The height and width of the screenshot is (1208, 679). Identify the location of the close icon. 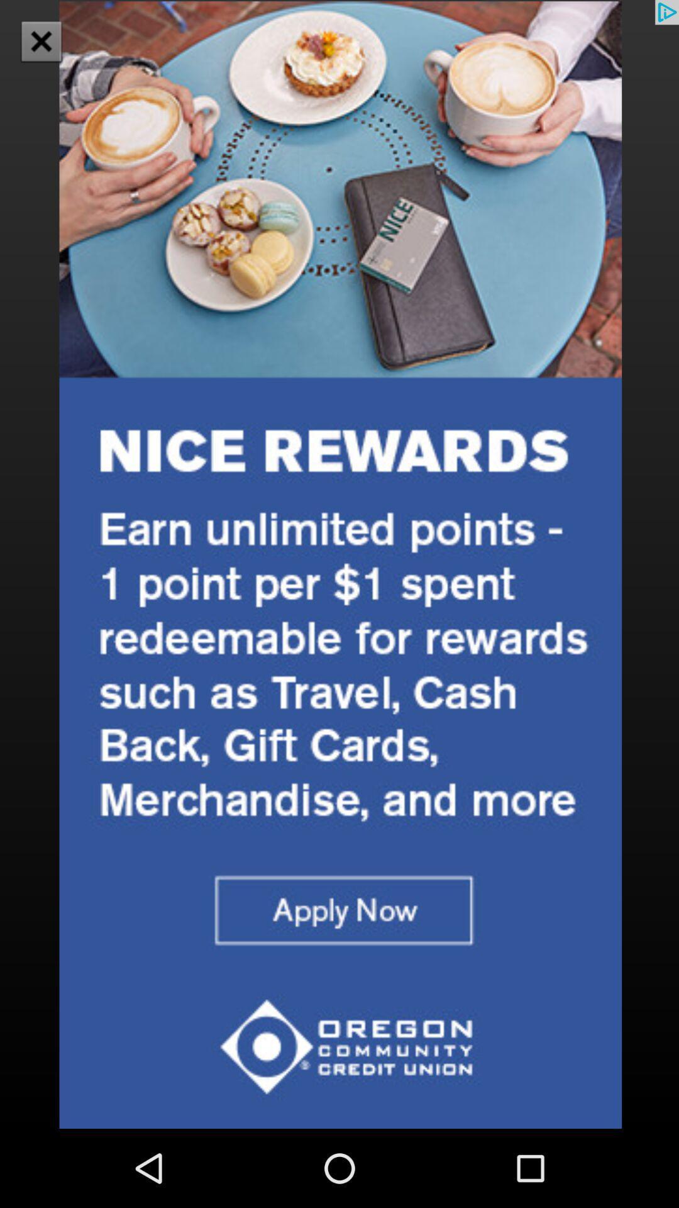
(40, 44).